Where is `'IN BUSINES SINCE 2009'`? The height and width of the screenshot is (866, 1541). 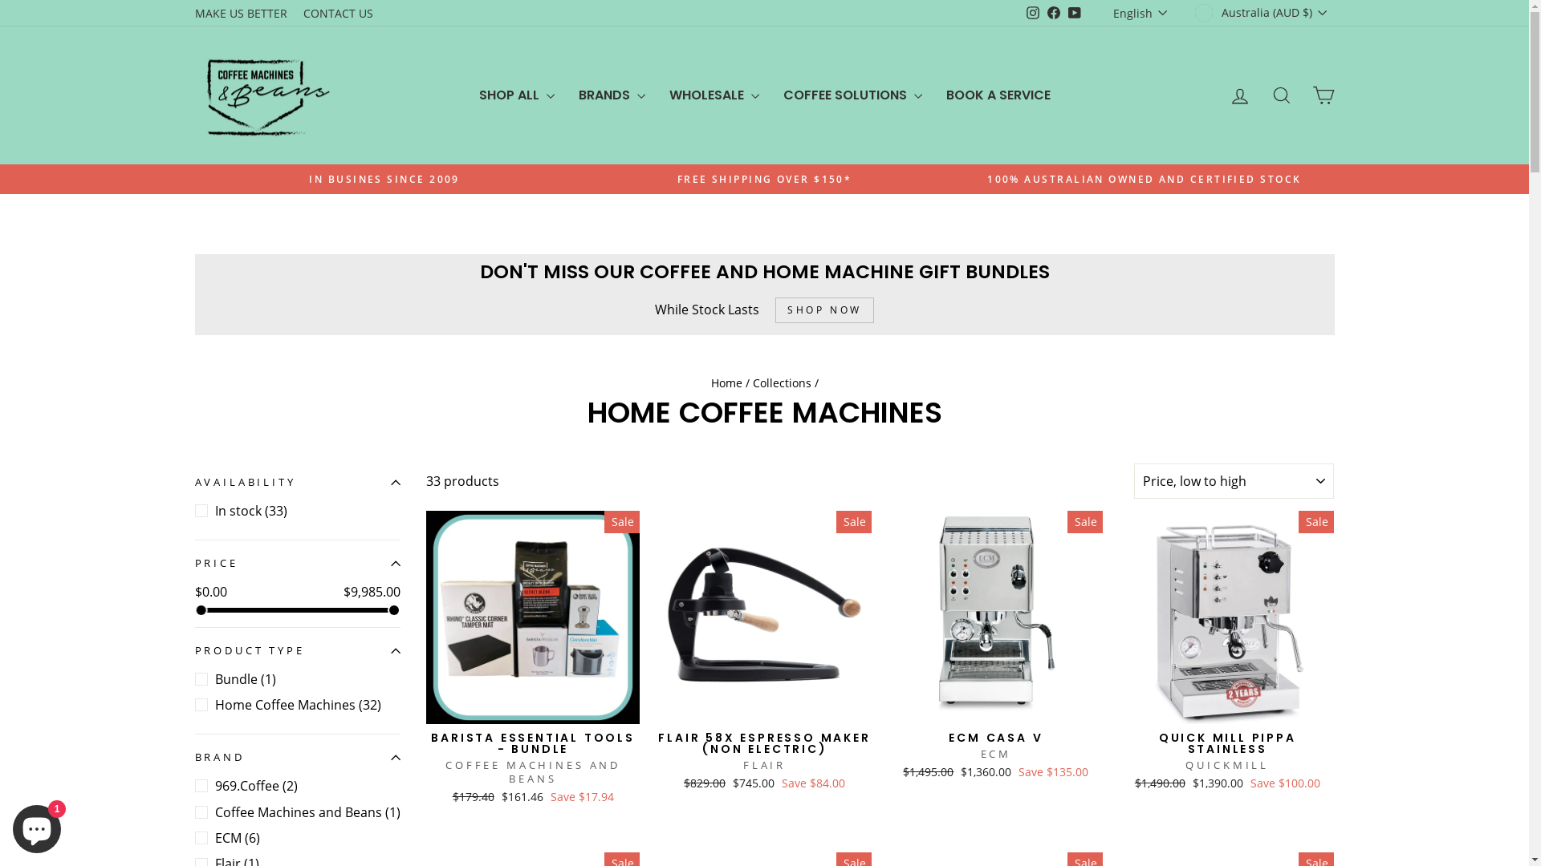
'IN BUSINES SINCE 2009' is located at coordinates (384, 179).